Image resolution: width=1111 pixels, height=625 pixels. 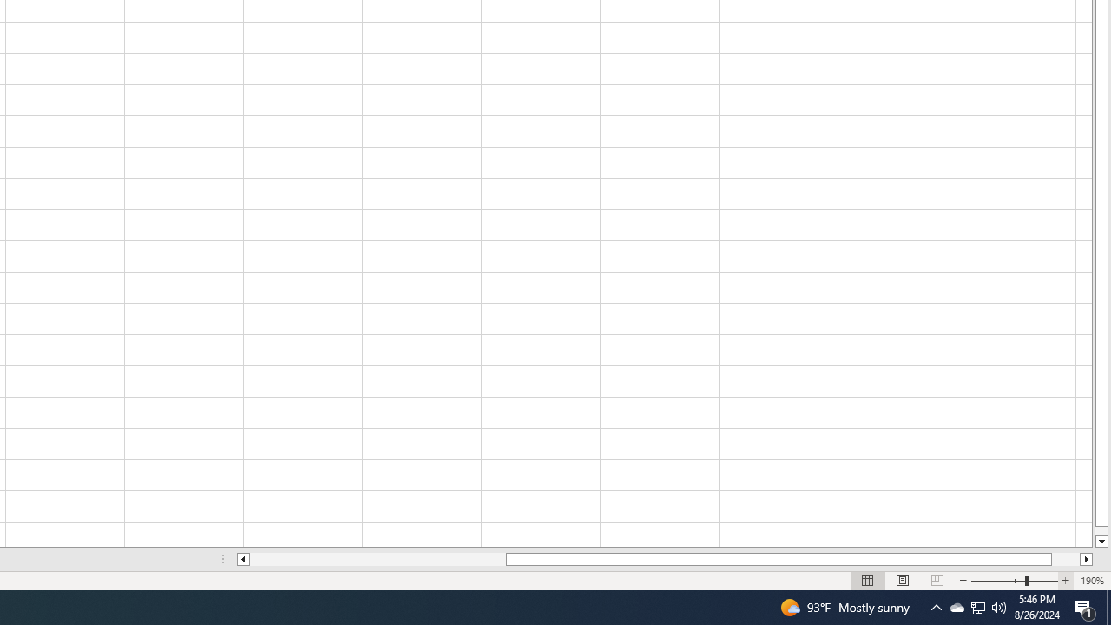 What do you see at coordinates (1101, 530) in the screenshot?
I see `'Page down'` at bounding box center [1101, 530].